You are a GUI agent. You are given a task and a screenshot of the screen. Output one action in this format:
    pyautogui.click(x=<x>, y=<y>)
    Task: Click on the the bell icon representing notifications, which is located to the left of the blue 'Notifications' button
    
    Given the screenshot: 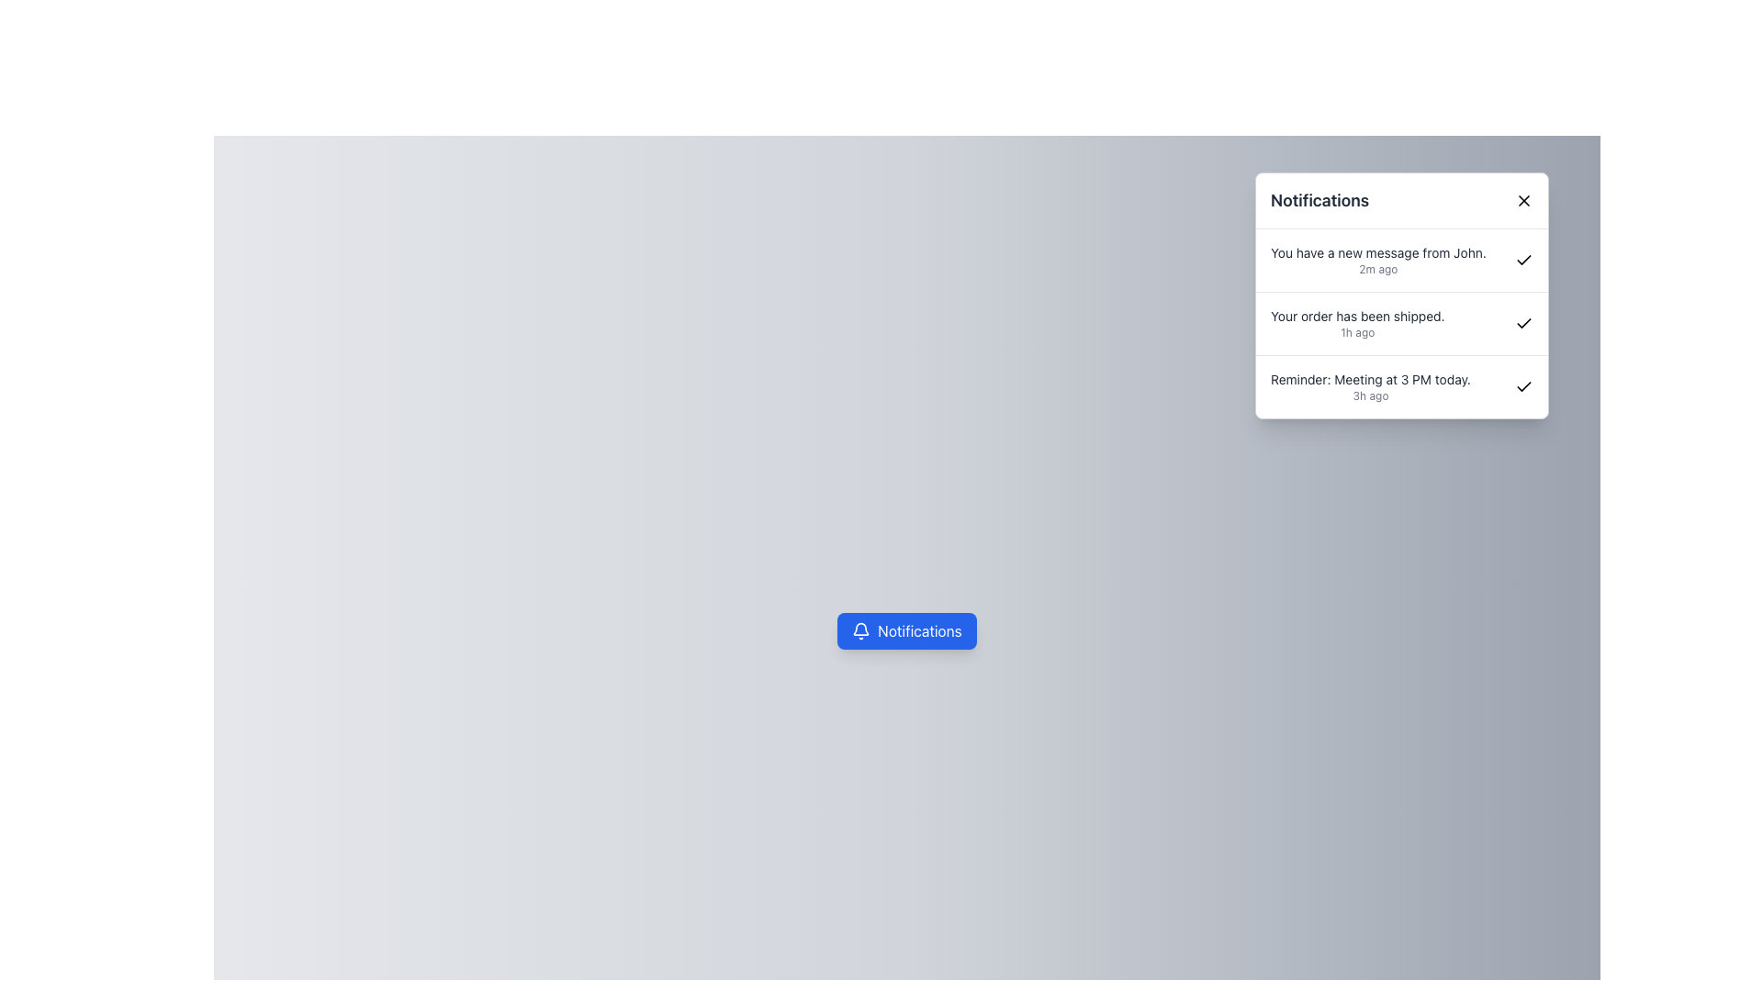 What is the action you would take?
    pyautogui.click(x=860, y=629)
    